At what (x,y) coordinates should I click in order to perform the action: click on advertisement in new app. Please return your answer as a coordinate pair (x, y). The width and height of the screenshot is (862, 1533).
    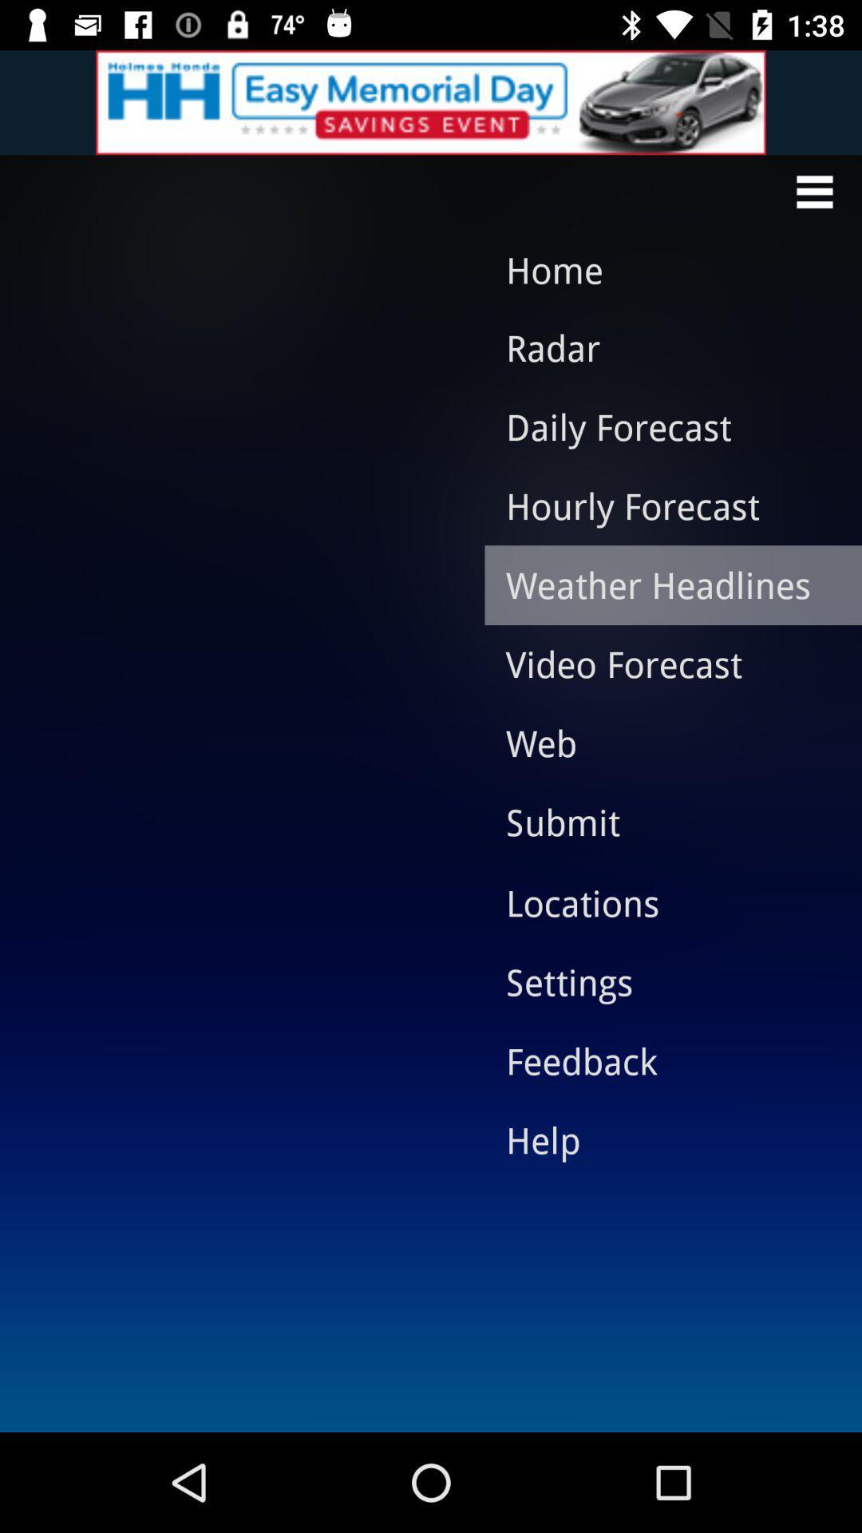
    Looking at the image, I should click on (431, 101).